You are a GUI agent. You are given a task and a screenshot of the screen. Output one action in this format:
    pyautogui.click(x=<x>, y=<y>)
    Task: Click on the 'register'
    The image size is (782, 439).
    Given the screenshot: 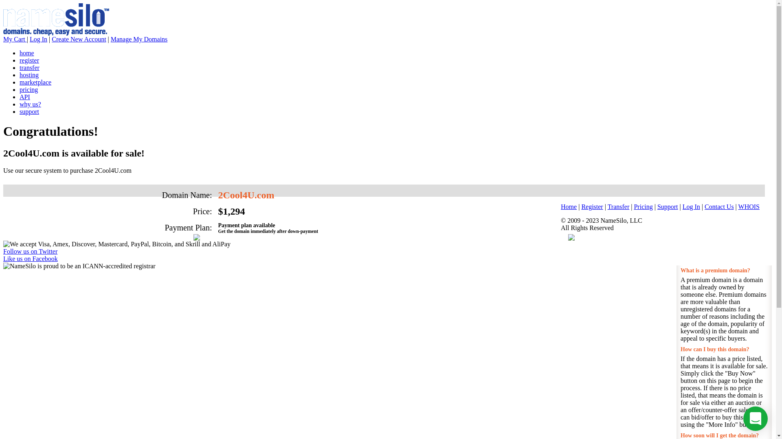 What is the action you would take?
    pyautogui.click(x=20, y=60)
    